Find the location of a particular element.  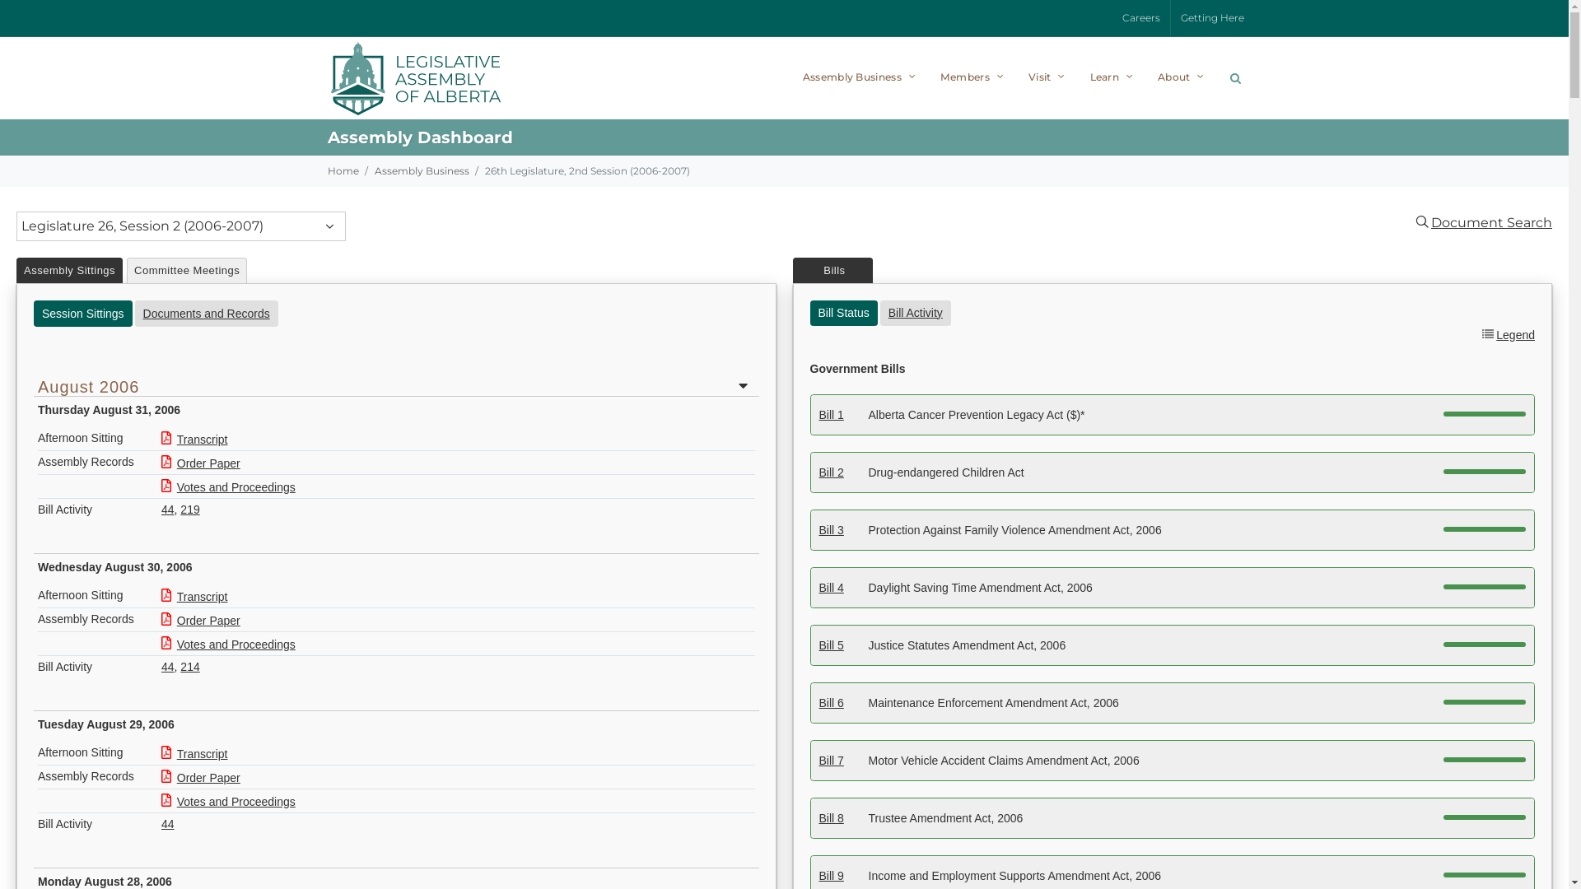

'Bill 2' is located at coordinates (830, 472).